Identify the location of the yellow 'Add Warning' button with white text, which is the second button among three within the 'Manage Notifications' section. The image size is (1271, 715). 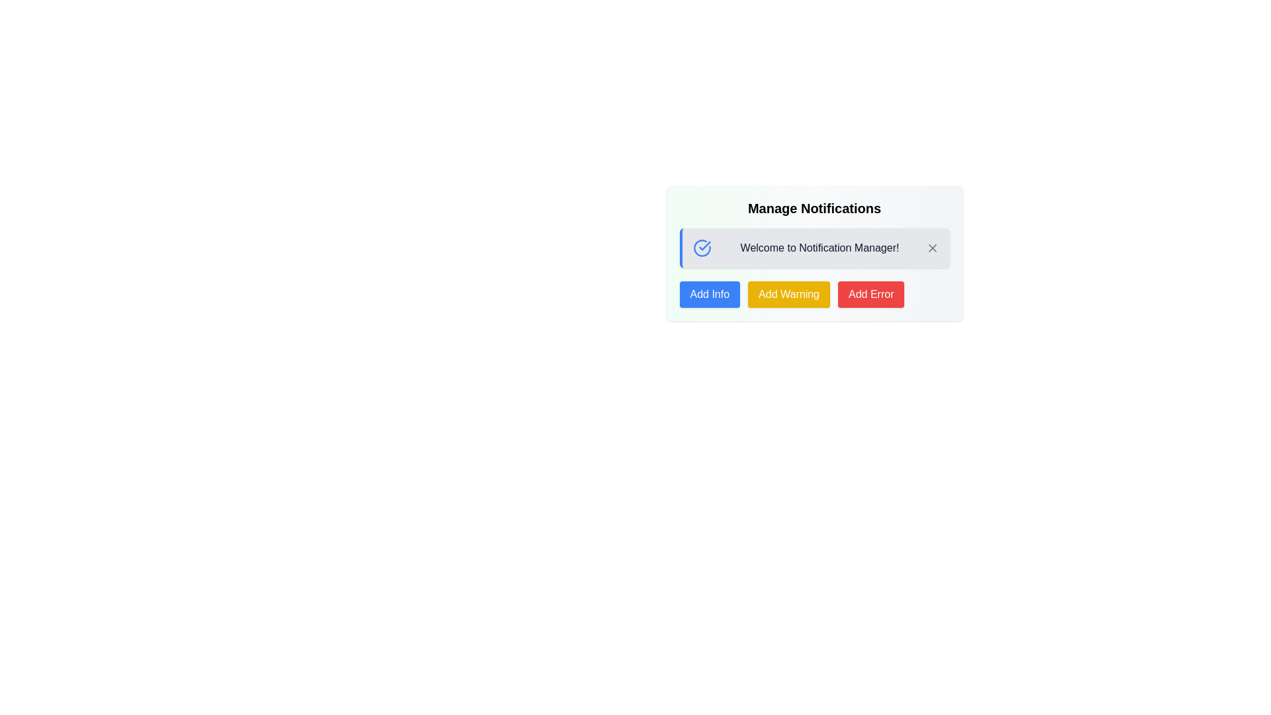
(814, 293).